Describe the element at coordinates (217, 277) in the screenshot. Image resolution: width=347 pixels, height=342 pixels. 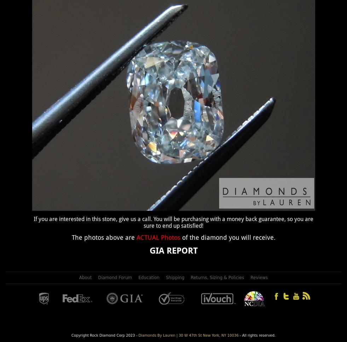
I see `'Returns, Sizing & Policies'` at that location.